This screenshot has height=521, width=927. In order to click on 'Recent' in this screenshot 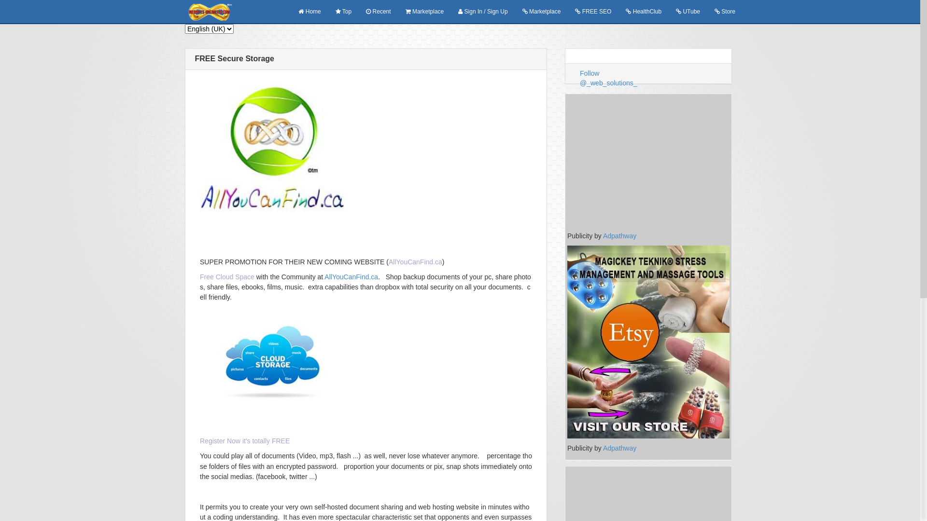, I will do `click(378, 11)`.